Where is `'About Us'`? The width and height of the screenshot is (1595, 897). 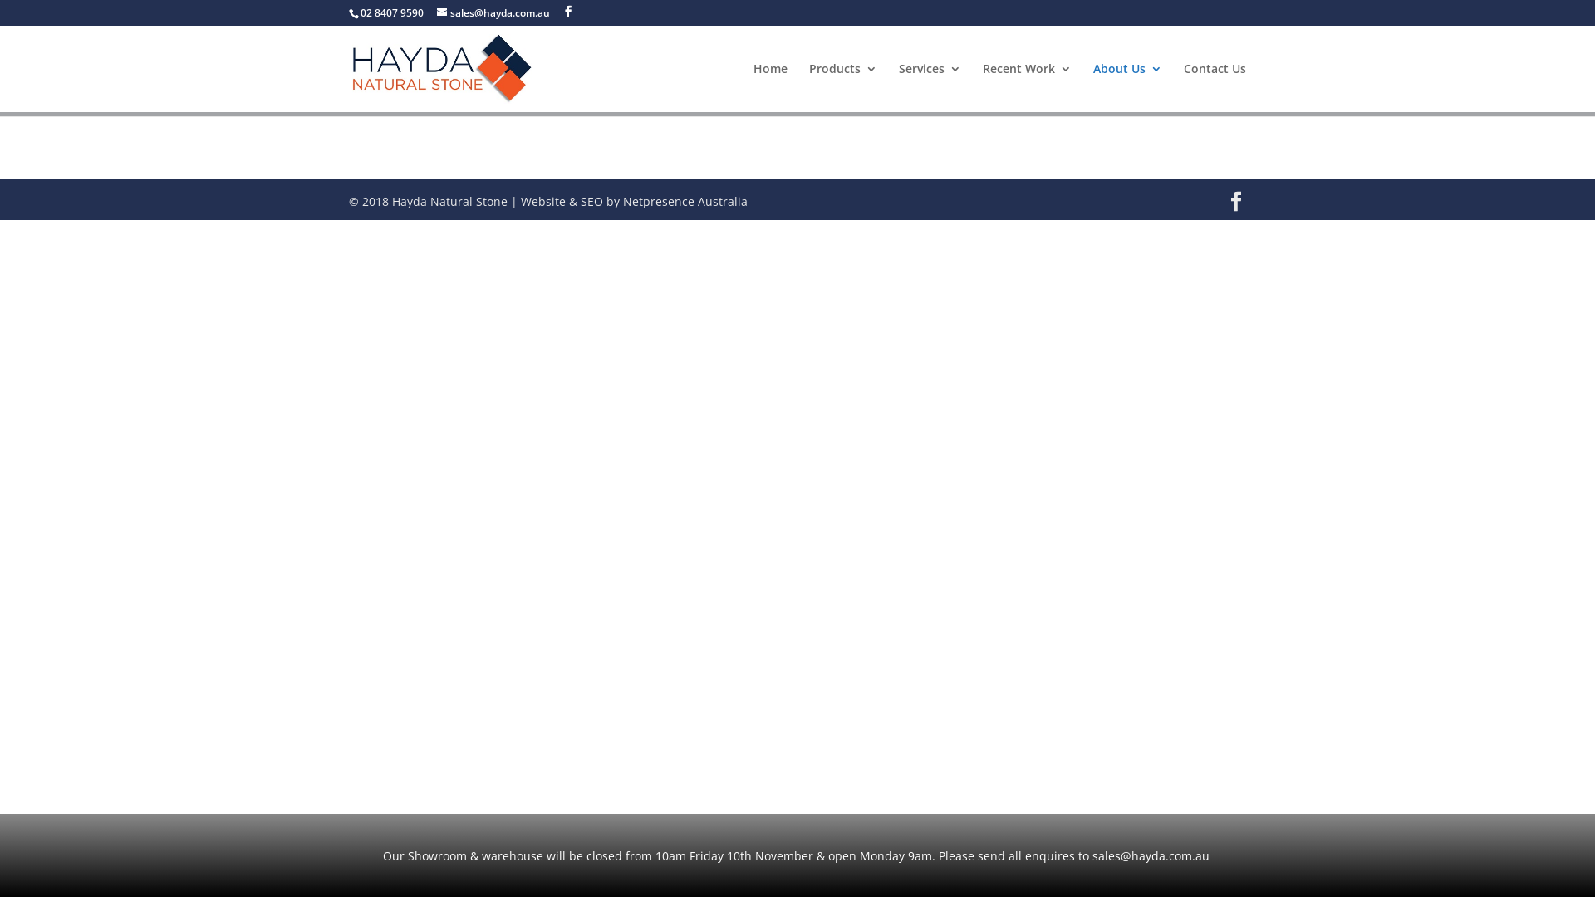
'About Us' is located at coordinates (1127, 87).